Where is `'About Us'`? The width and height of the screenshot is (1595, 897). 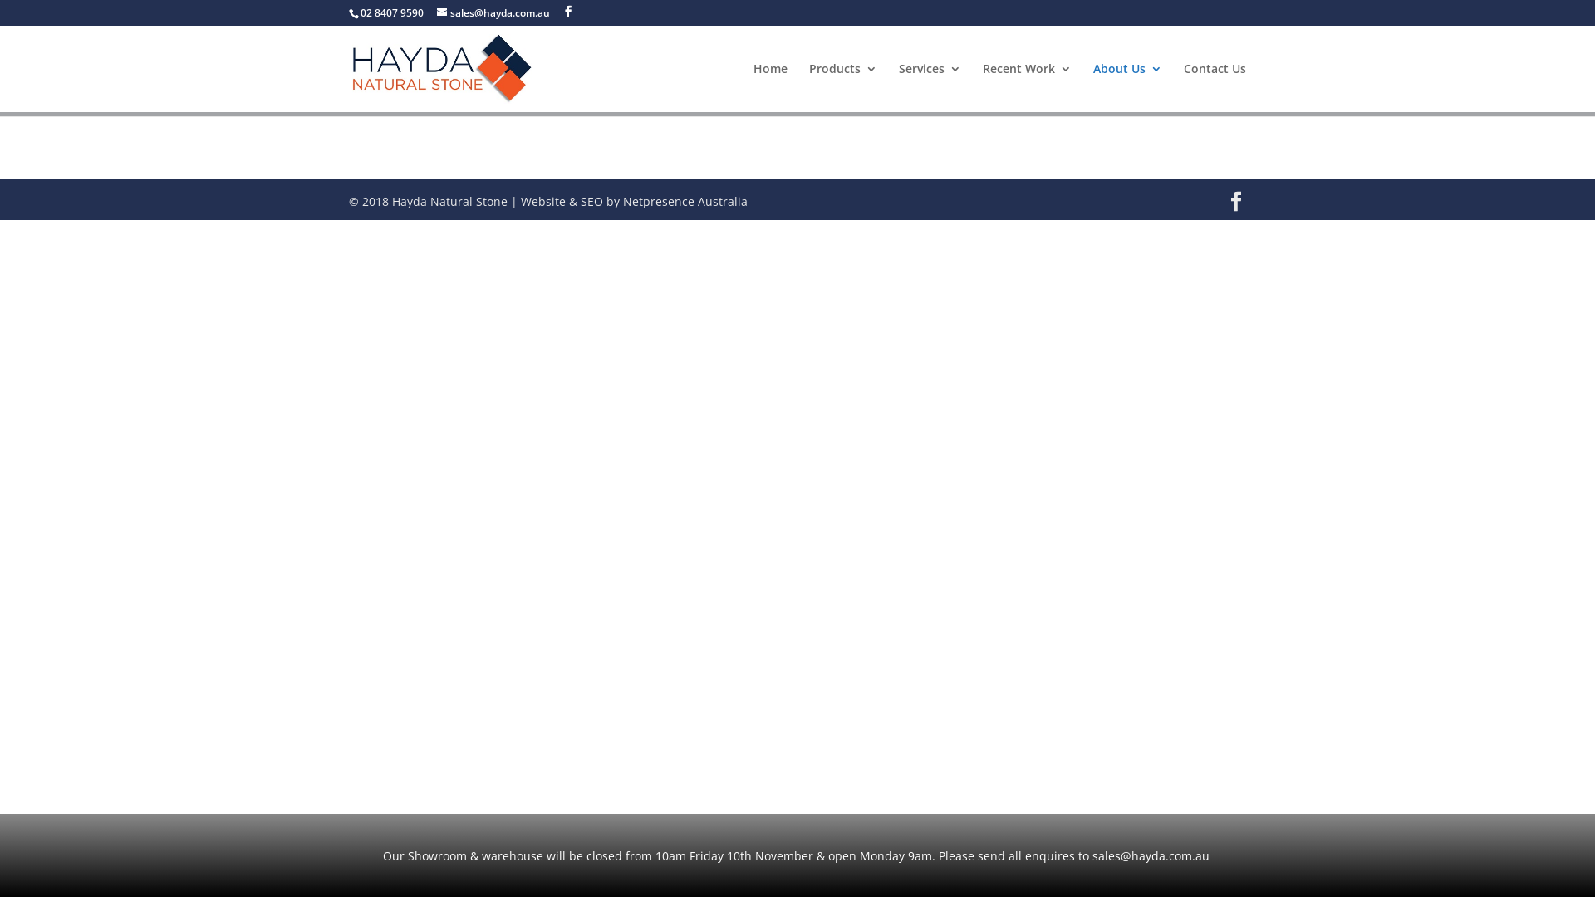
'About Us' is located at coordinates (1127, 87).